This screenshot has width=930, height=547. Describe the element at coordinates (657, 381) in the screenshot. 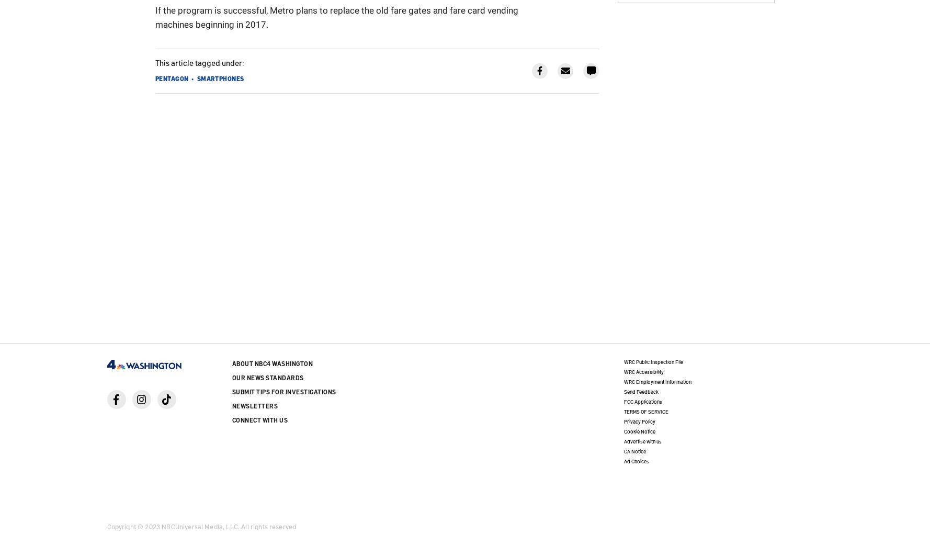

I see `'WRC Employment Information'` at that location.